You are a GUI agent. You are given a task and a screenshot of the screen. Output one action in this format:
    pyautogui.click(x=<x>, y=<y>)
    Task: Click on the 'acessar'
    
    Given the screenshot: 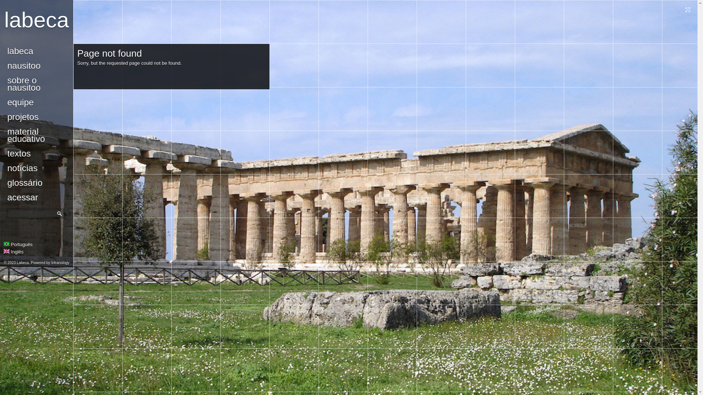 What is the action you would take?
    pyautogui.click(x=36, y=197)
    